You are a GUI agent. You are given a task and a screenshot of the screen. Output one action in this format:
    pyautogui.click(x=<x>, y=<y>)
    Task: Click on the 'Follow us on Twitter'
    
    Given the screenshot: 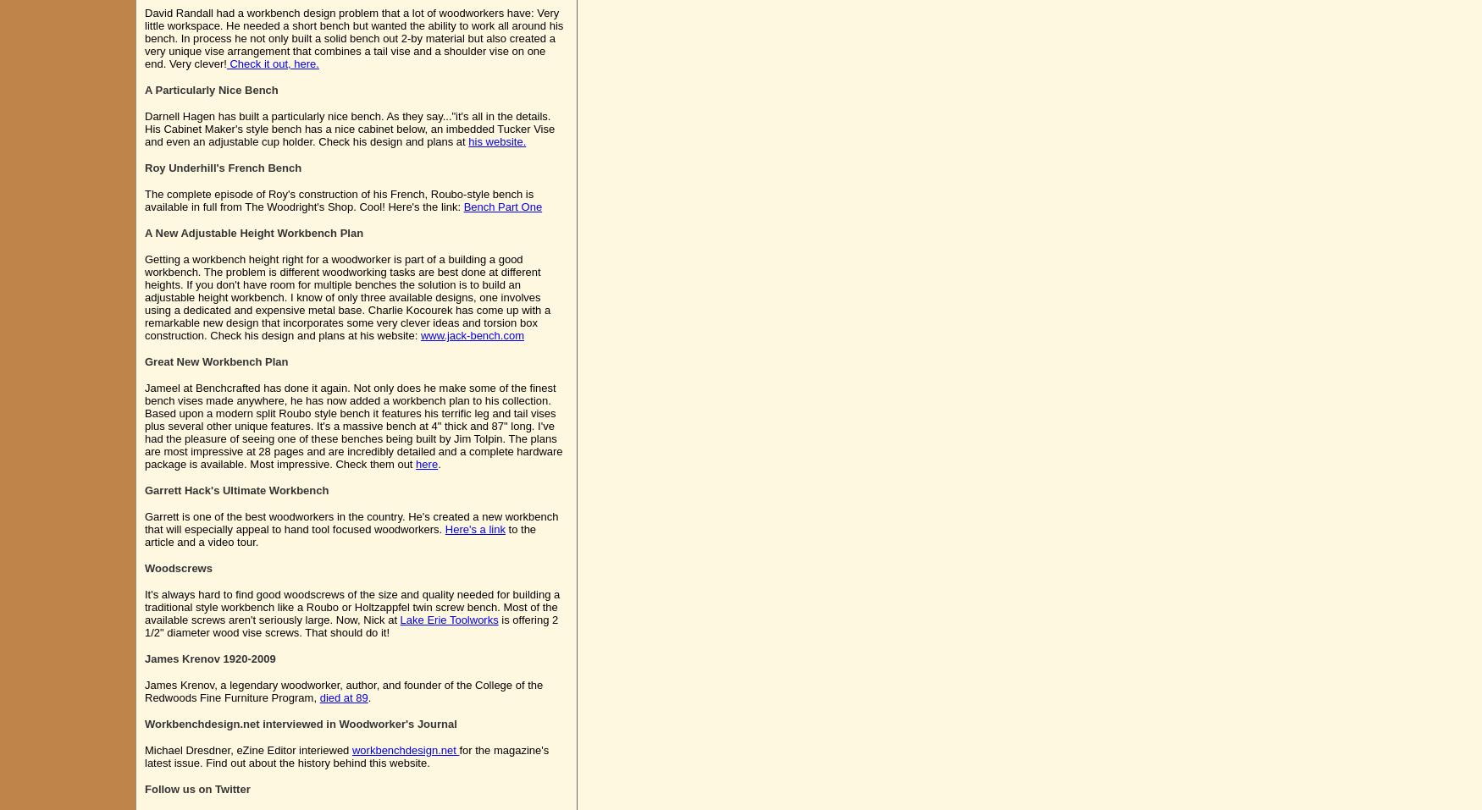 What is the action you would take?
    pyautogui.click(x=196, y=789)
    